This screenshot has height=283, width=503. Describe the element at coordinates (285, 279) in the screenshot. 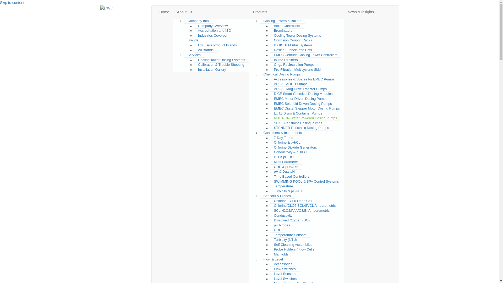

I see `'Level Switches'` at that location.